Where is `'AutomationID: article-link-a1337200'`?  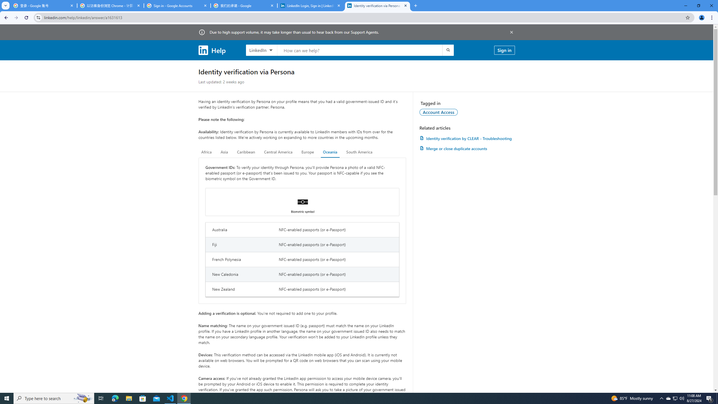
'AutomationID: article-link-a1337200' is located at coordinates (467, 148).